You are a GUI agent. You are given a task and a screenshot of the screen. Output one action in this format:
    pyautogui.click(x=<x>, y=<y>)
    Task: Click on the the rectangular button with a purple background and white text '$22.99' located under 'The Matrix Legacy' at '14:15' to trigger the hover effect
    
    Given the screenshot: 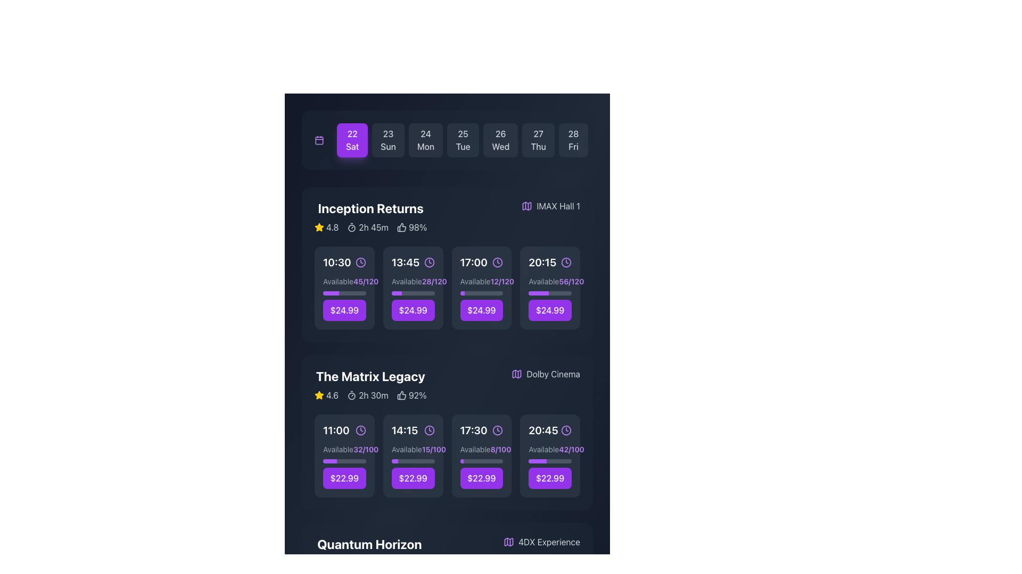 What is the action you would take?
    pyautogui.click(x=413, y=477)
    